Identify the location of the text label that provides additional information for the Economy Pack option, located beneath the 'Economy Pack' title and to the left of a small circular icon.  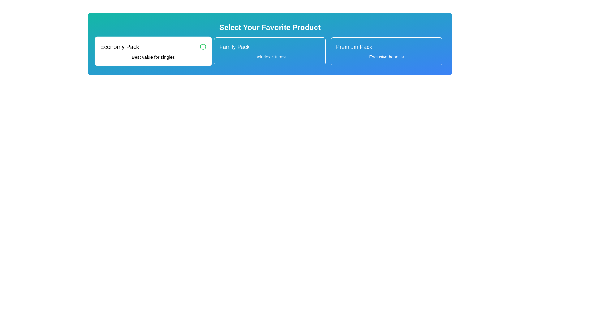
(153, 57).